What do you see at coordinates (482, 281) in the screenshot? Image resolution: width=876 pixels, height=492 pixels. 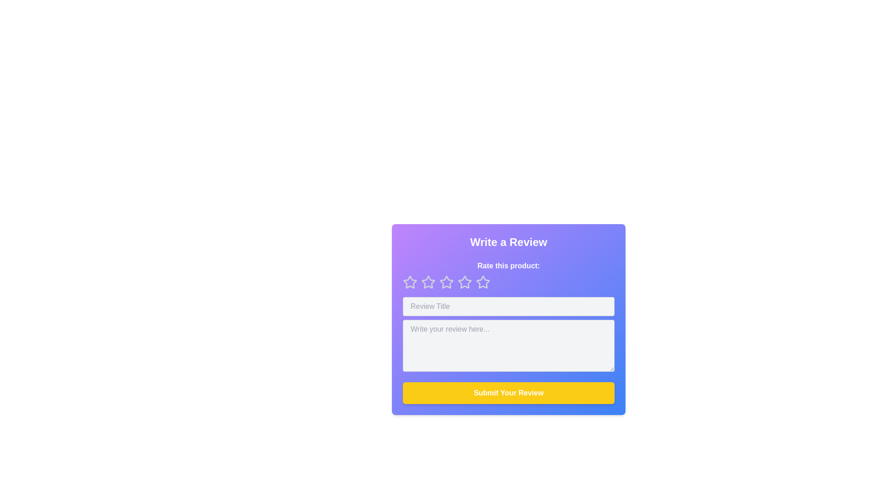 I see `the fourth star icon in the rating section of the 'Write a Review' card` at bounding box center [482, 281].